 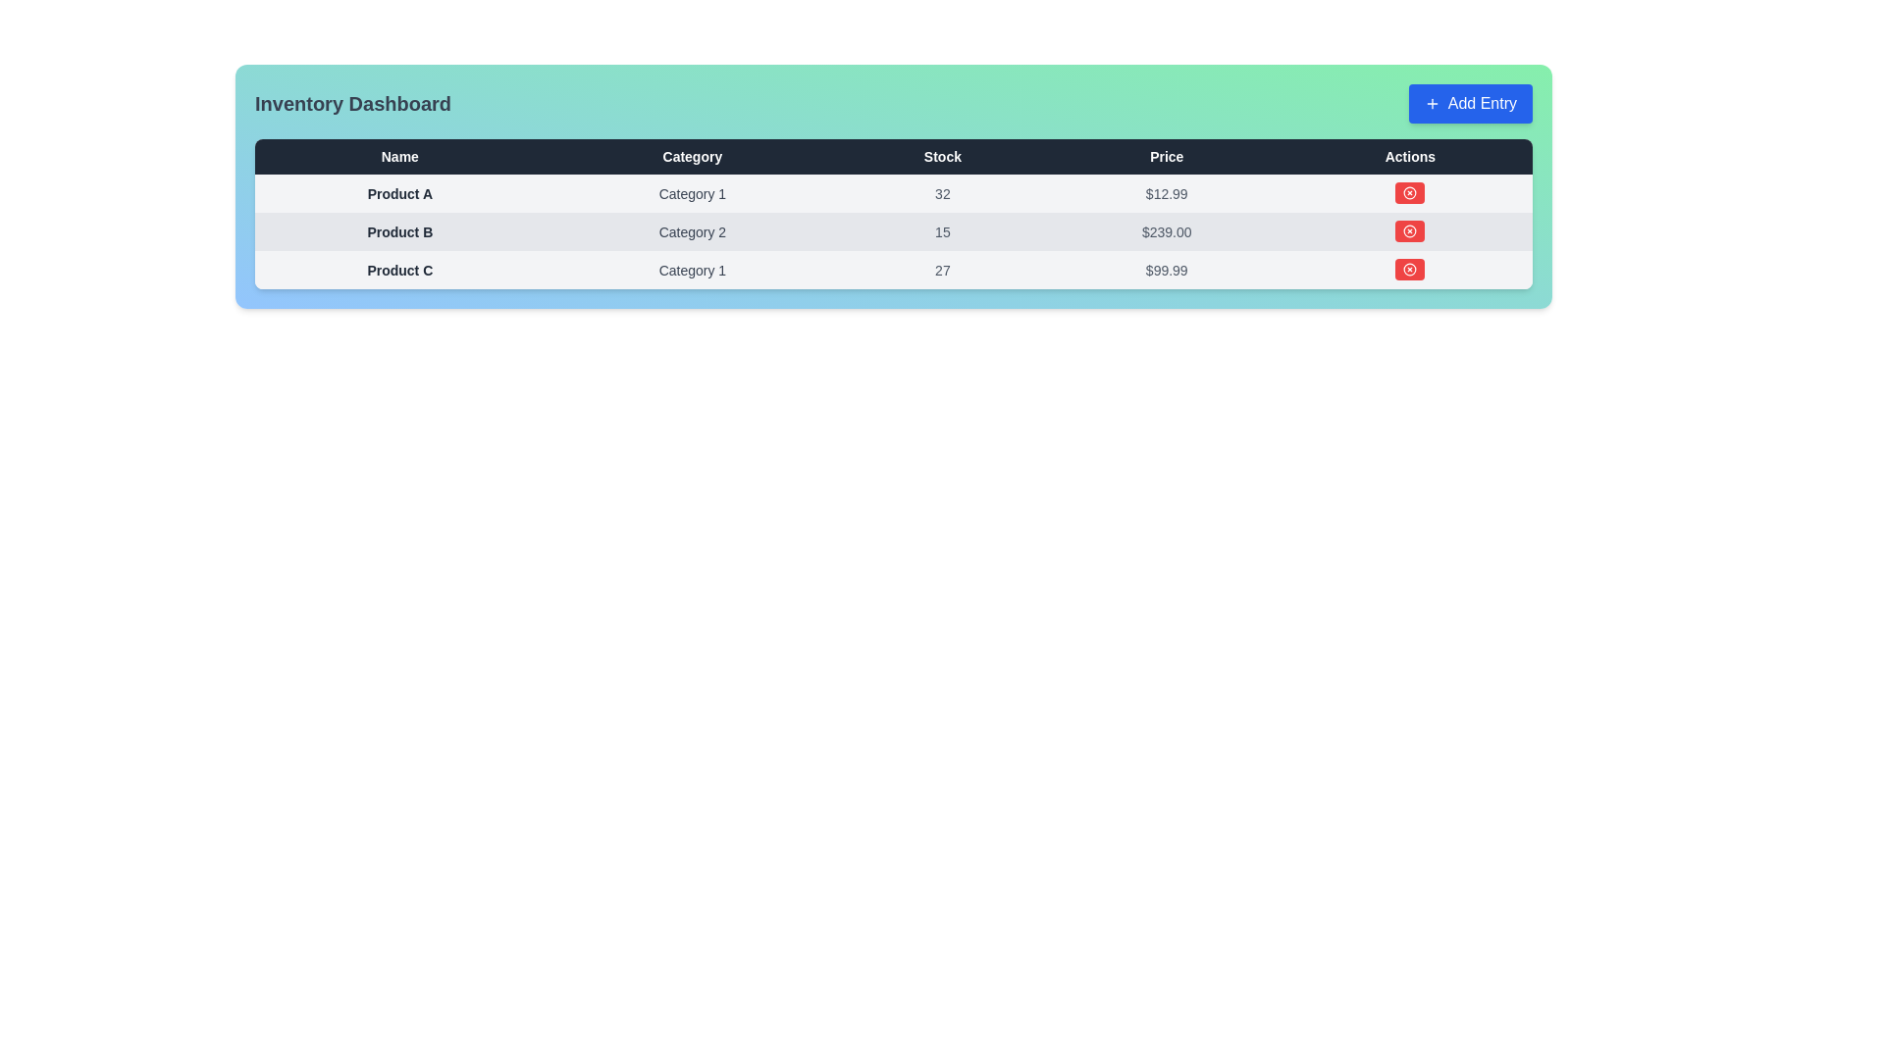 What do you see at coordinates (1167, 155) in the screenshot?
I see `the text content of the 'Price' column header in the table, which is the fourth header to the right of 'Stock' and to the left of 'Actions'` at bounding box center [1167, 155].